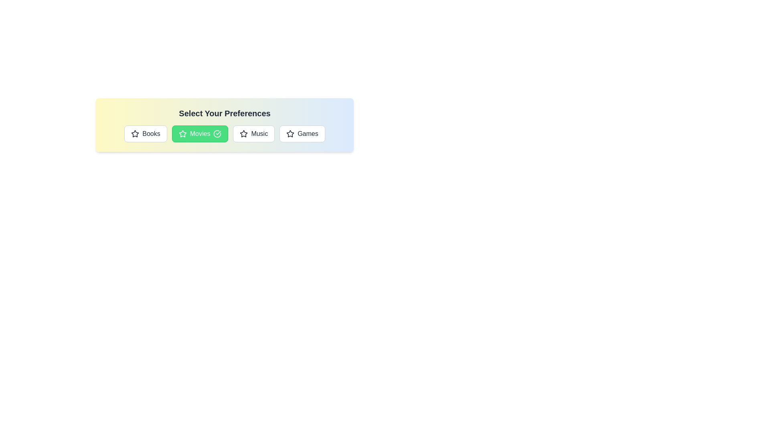 This screenshot has height=433, width=770. Describe the element at coordinates (200, 134) in the screenshot. I see `the category Movies` at that location.